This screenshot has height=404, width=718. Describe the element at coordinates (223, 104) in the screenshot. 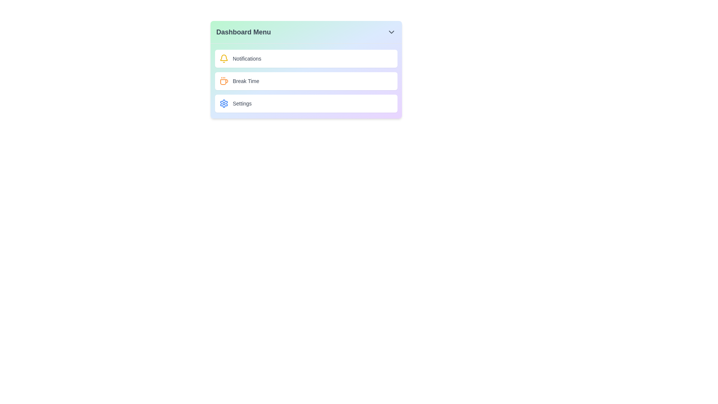

I see `the settings icon located to the left of the 'Settings' text in the menu interface` at that location.